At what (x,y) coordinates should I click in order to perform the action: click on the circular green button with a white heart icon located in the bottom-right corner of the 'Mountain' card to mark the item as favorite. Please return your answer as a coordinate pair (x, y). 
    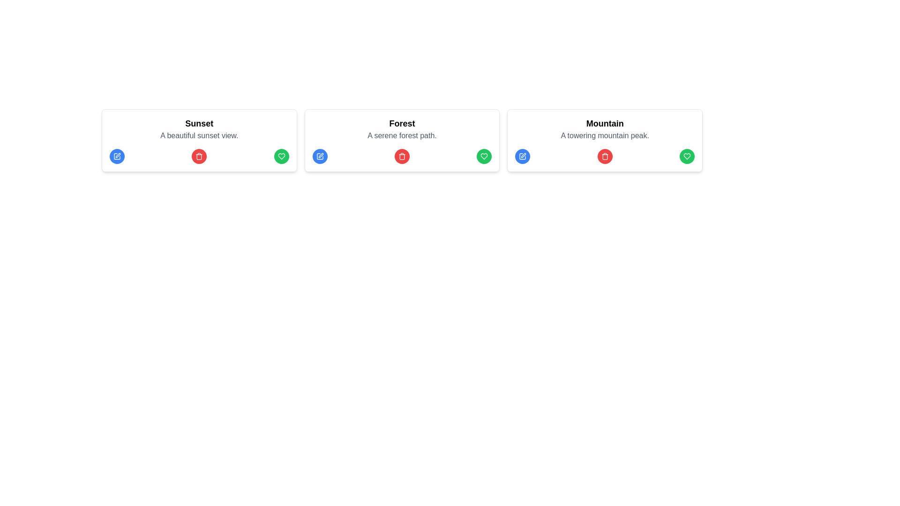
    Looking at the image, I should click on (687, 156).